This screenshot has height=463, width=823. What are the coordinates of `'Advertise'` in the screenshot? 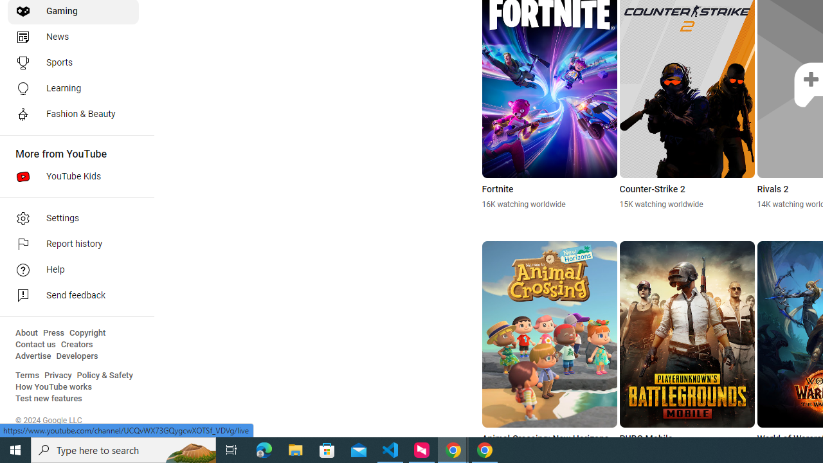 It's located at (33, 356).